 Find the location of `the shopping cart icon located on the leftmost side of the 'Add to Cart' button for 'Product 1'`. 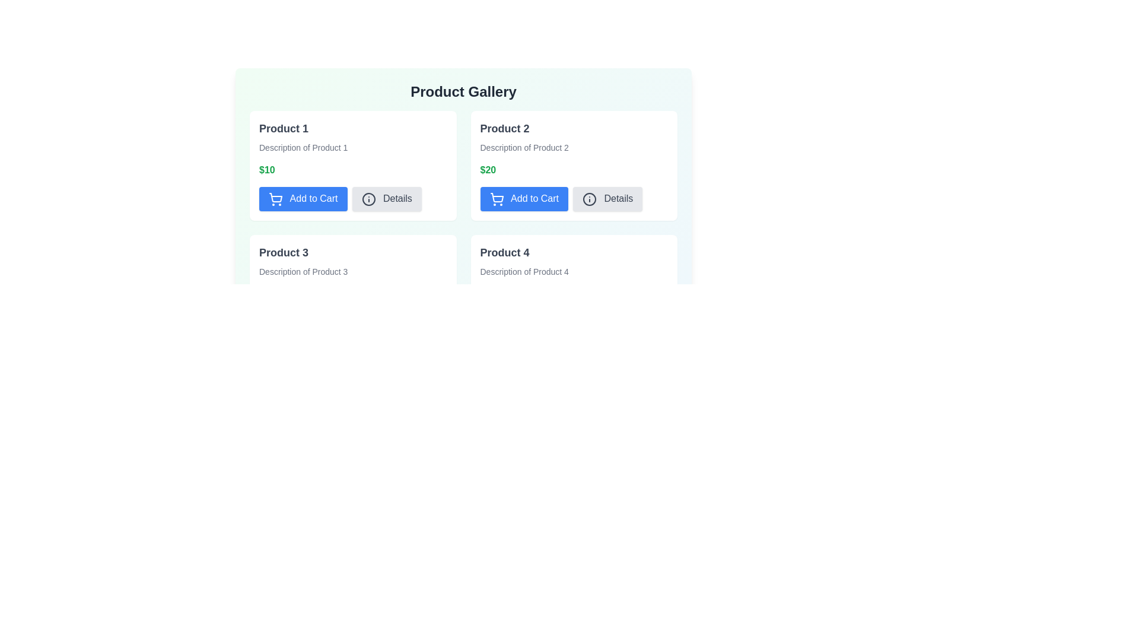

the shopping cart icon located on the leftmost side of the 'Add to Cart' button for 'Product 1' is located at coordinates (275, 198).